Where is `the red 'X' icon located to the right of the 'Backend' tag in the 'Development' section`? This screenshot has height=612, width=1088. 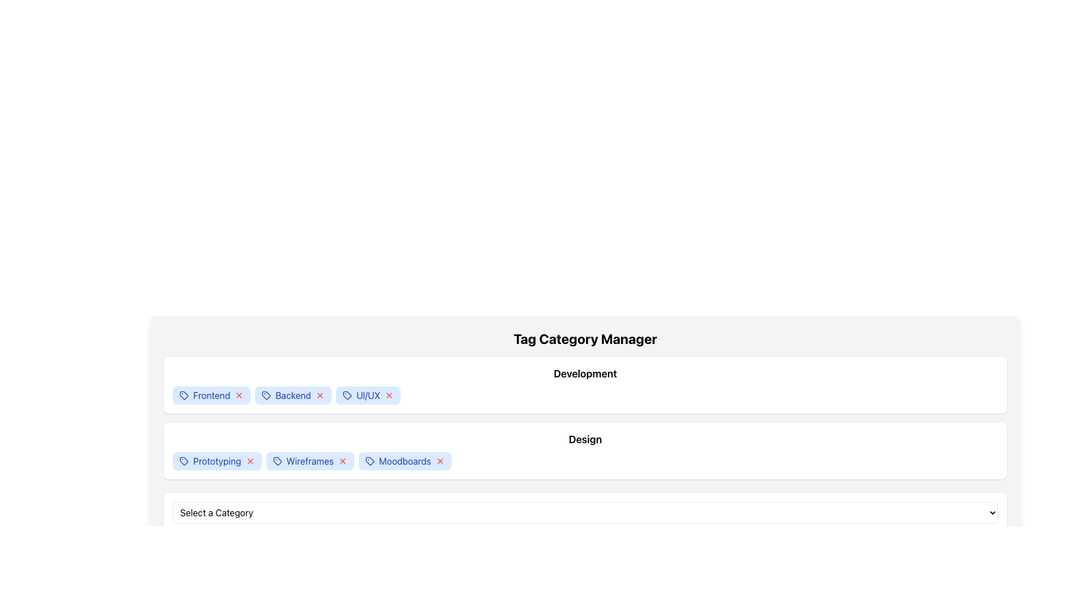
the red 'X' icon located to the right of the 'Backend' tag in the 'Development' section is located at coordinates (320, 395).